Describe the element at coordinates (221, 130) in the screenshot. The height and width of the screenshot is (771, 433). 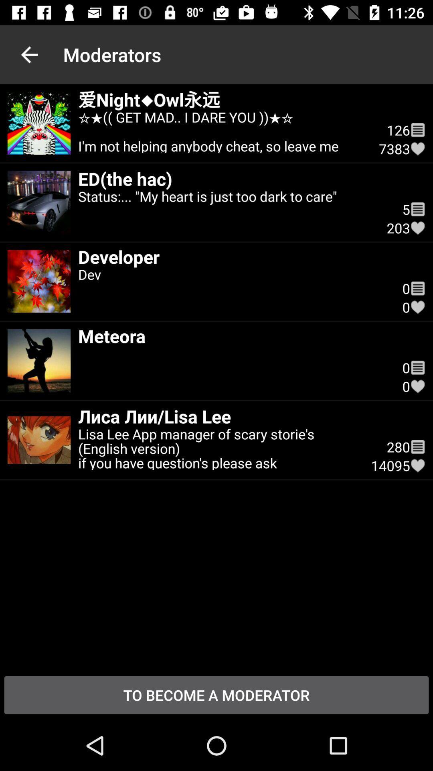
I see `the icon below the moderators app` at that location.